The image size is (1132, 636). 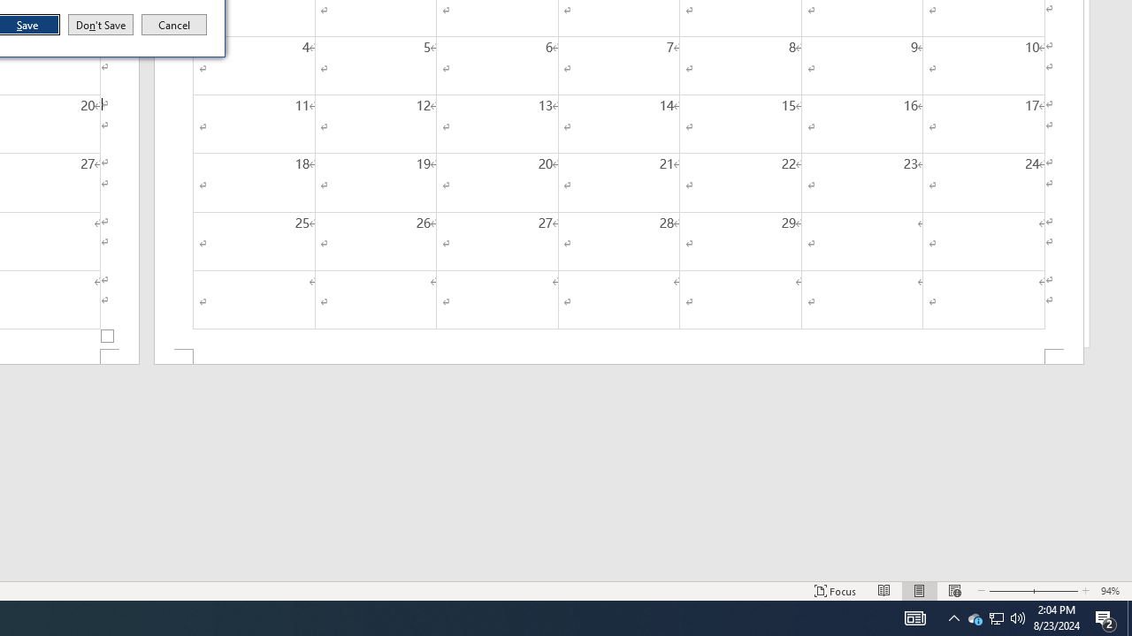 What do you see at coordinates (99, 25) in the screenshot?
I see `'Don'` at bounding box center [99, 25].